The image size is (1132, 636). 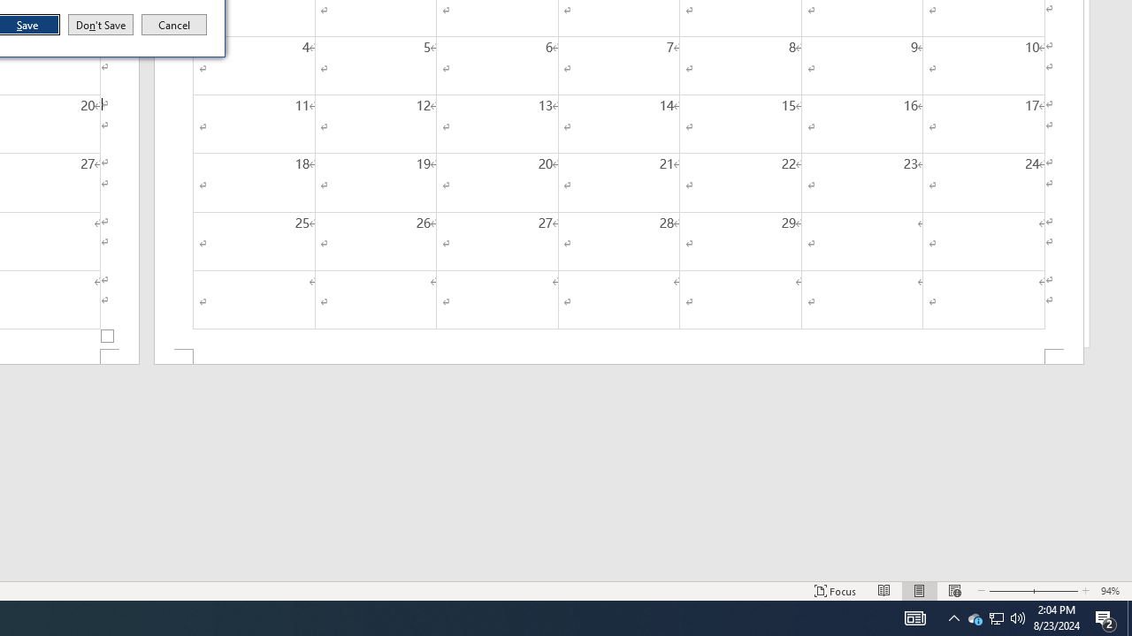 What do you see at coordinates (99, 25) in the screenshot?
I see `'Don'` at bounding box center [99, 25].